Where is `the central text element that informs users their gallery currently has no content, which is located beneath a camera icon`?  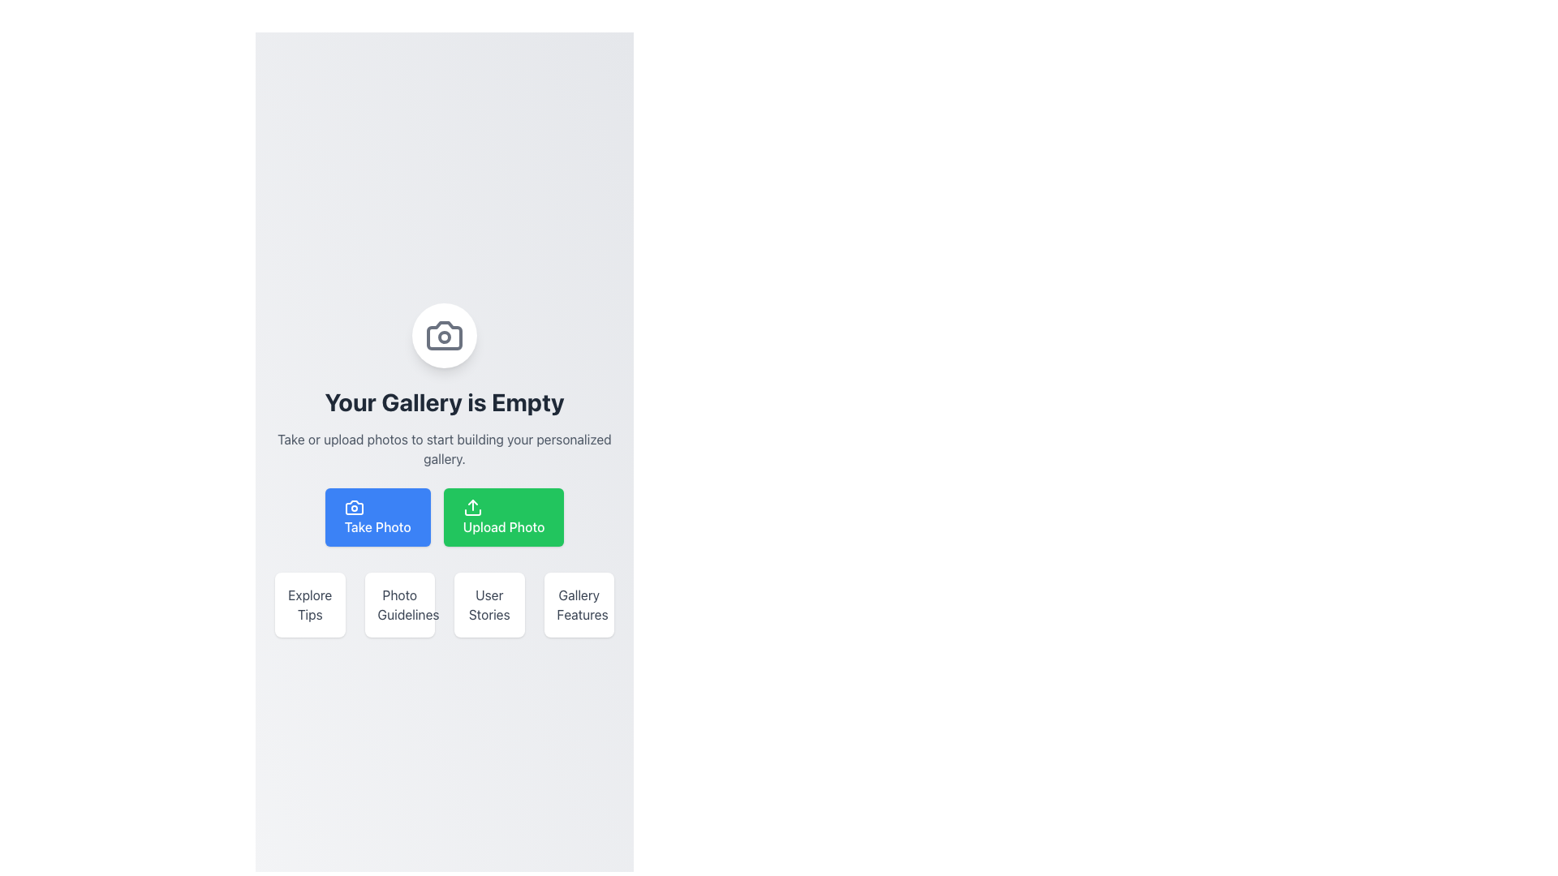
the central text element that informs users their gallery currently has no content, which is located beneath a camera icon is located at coordinates (444, 401).